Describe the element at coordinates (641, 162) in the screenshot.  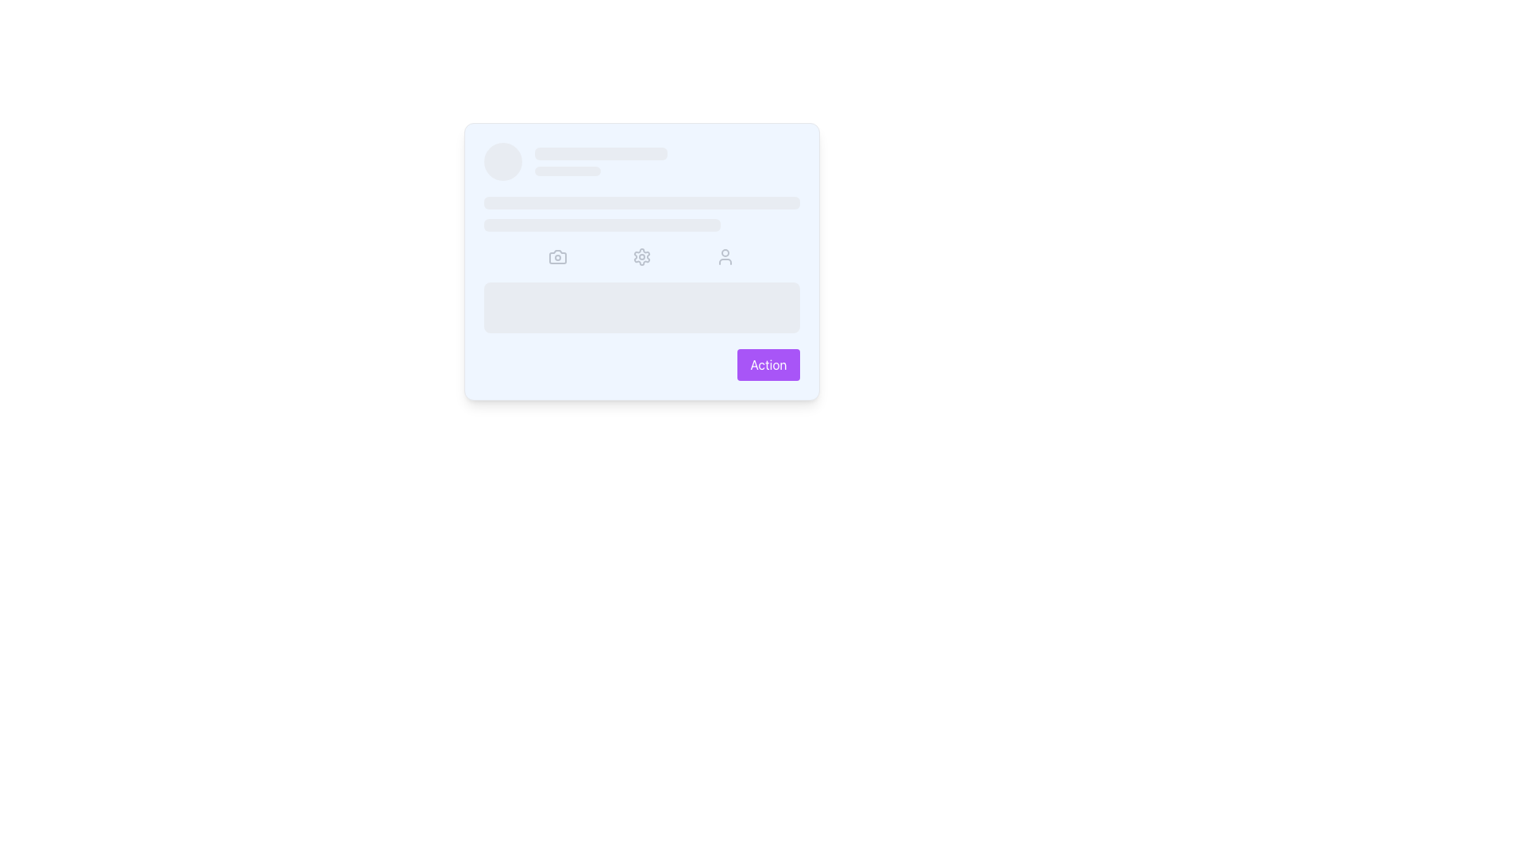
I see `inside the group of placeholders styled as a profile summary, which includes a circular placeholder image and two rectangular placeholder bars, located at the top-left of the blue-bordered card component` at that location.